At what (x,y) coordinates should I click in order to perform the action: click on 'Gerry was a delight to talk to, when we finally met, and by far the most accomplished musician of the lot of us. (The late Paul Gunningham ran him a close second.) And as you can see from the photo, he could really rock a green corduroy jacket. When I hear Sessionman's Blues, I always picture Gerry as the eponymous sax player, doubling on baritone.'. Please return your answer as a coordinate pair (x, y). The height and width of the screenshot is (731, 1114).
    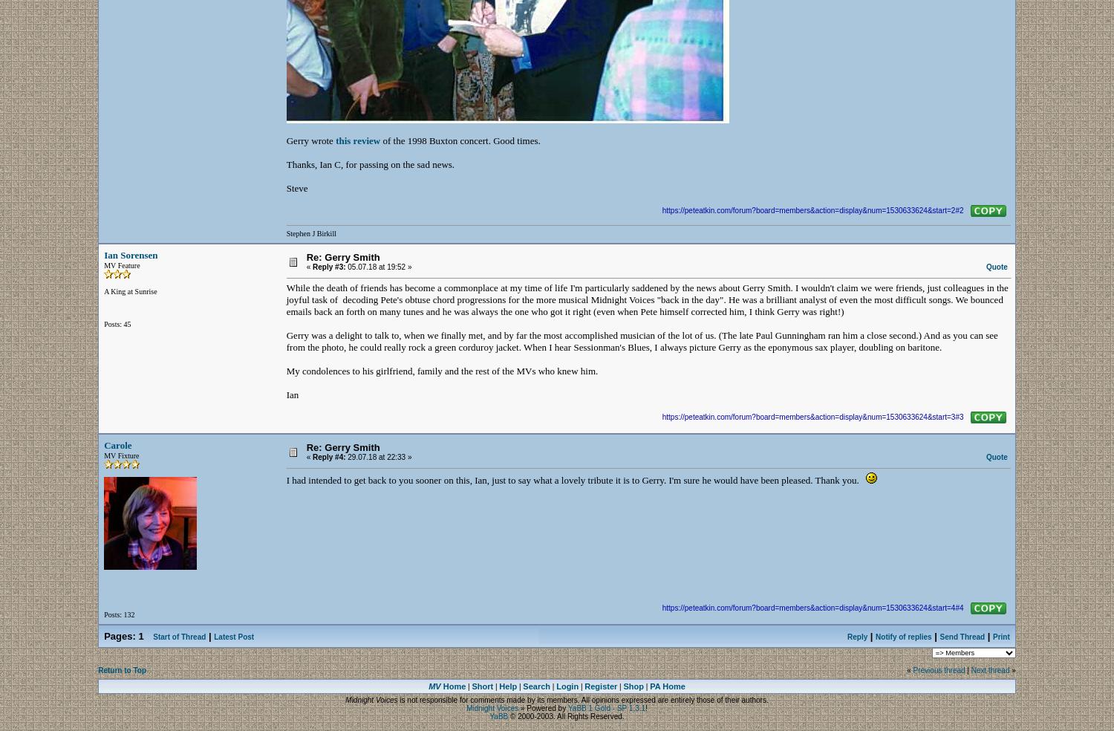
    Looking at the image, I should click on (640, 341).